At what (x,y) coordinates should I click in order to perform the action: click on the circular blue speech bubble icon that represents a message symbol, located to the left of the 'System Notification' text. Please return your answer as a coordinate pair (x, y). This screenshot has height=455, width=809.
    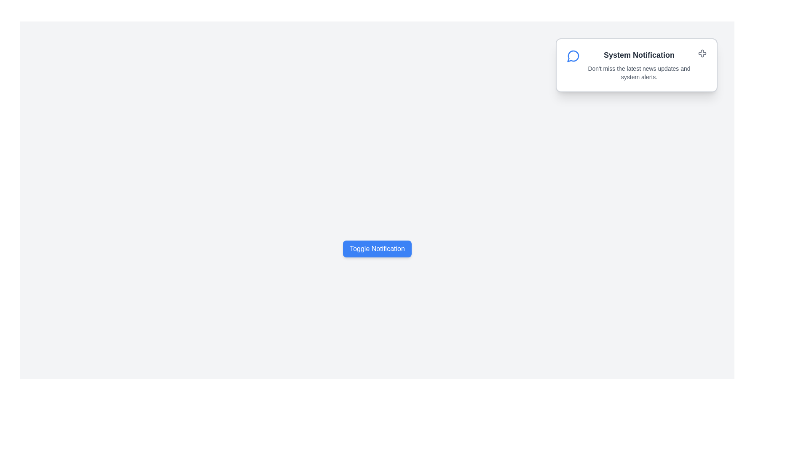
    Looking at the image, I should click on (573, 56).